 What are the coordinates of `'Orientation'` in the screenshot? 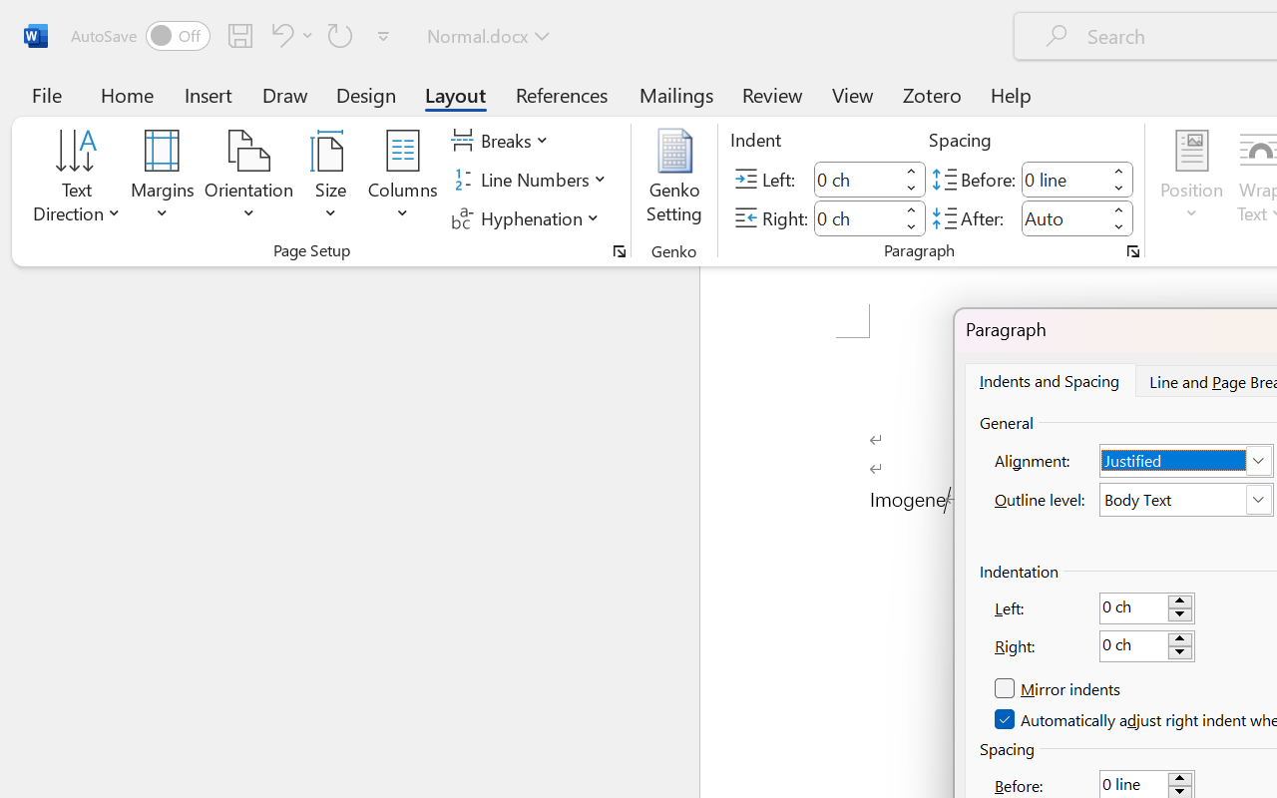 It's located at (248, 179).